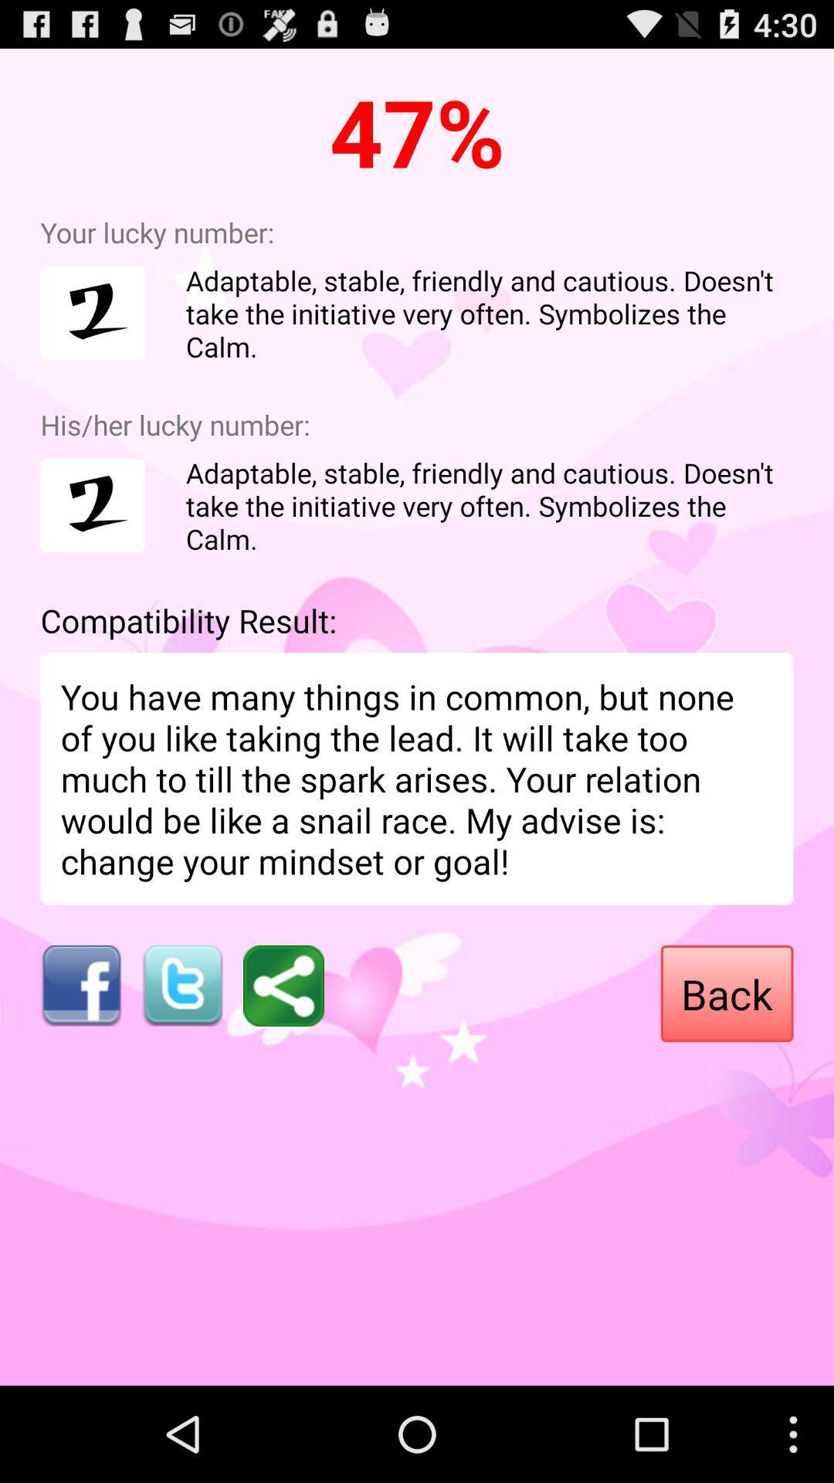 The image size is (834, 1483). Describe the element at coordinates (727, 993) in the screenshot. I see `the back button` at that location.